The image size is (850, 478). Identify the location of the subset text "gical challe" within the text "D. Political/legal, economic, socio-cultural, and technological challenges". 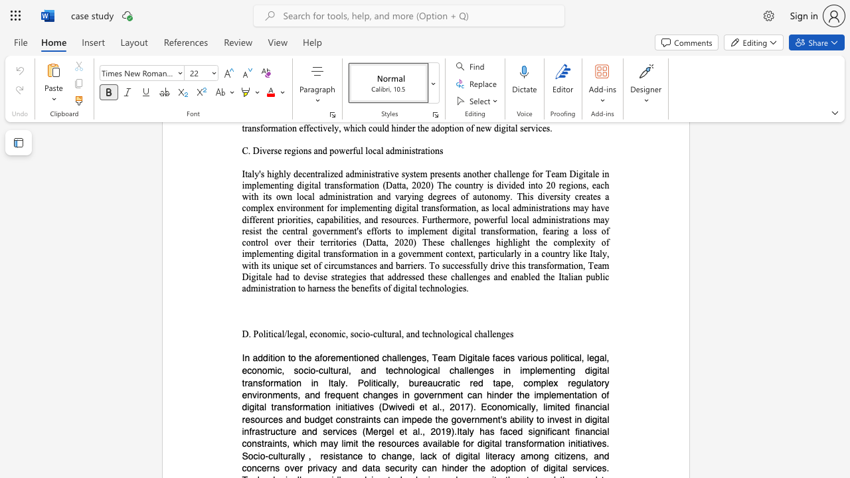
(454, 333).